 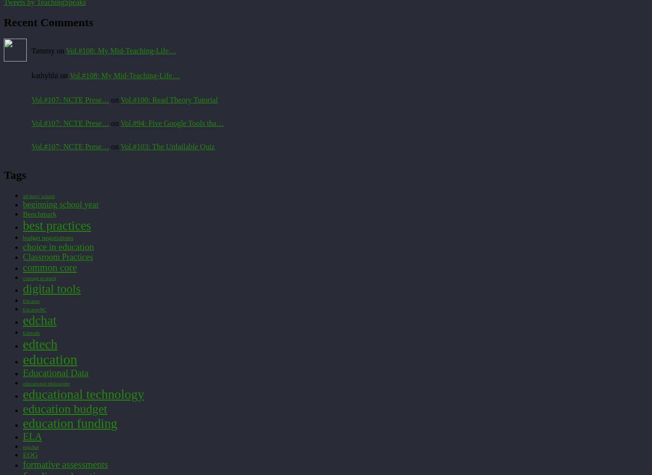 What do you see at coordinates (34, 309) in the screenshot?
I see `'EdcampNC'` at bounding box center [34, 309].